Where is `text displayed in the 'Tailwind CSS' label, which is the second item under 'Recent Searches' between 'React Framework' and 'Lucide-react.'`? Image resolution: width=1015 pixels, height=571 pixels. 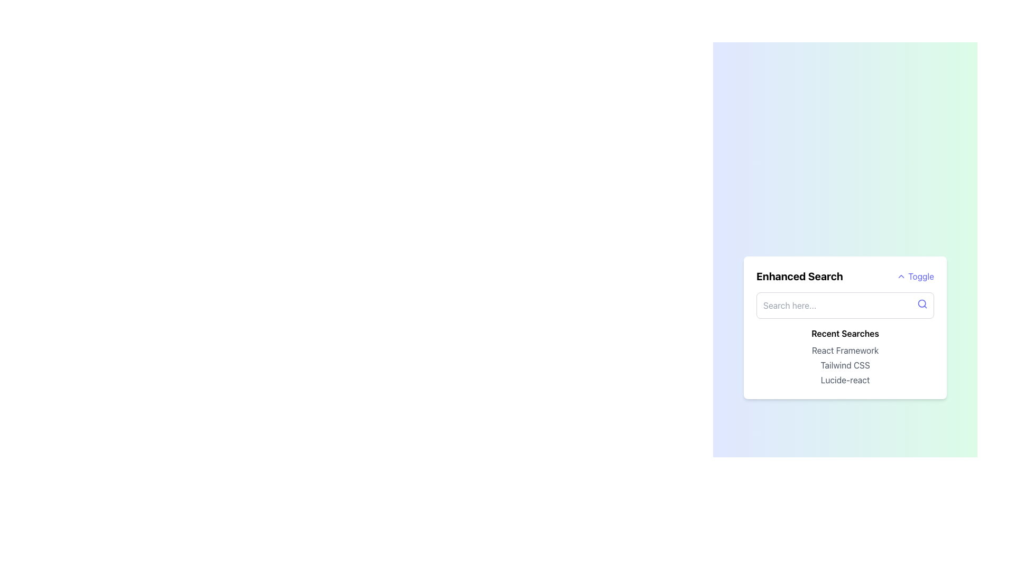 text displayed in the 'Tailwind CSS' label, which is the second item under 'Recent Searches' between 'React Framework' and 'Lucide-react.' is located at coordinates (844, 364).